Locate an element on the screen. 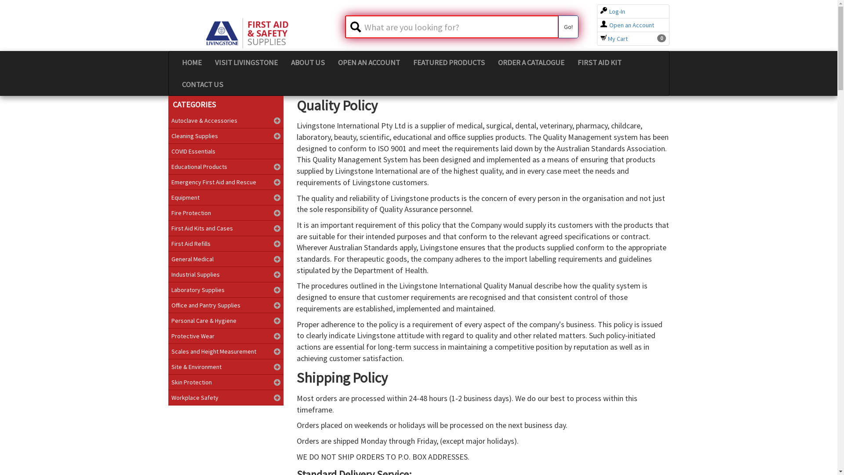 The height and width of the screenshot is (475, 844). 'First Aid Refills' is located at coordinates (226, 244).